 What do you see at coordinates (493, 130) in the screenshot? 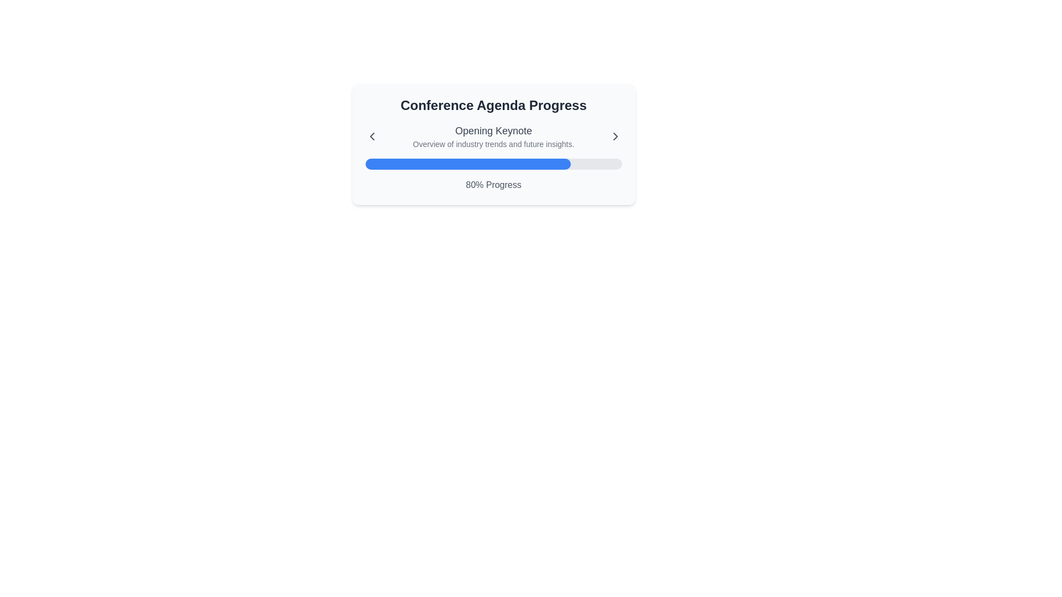
I see `text element displaying 'Opening Keynote', which is styled with a larger font and bold weight, located at the center of the layout` at bounding box center [493, 130].